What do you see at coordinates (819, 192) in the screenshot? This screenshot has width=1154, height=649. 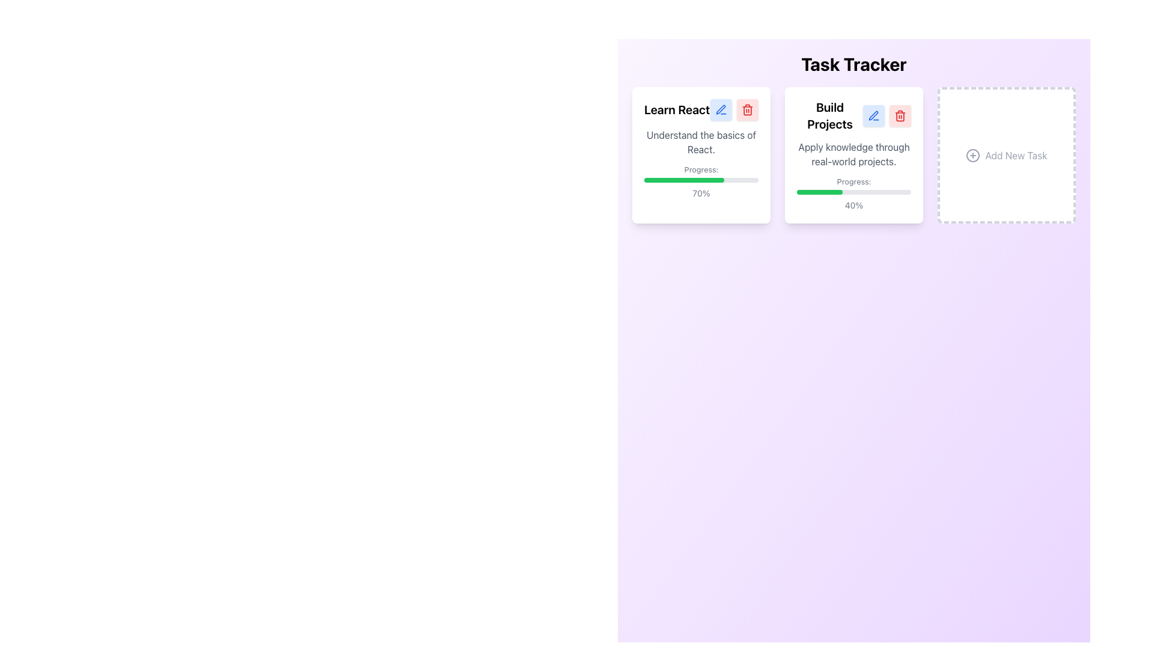 I see `the Progress Indicator that visually communicates the progress percentage (40%) for the task 'Build Projects'` at bounding box center [819, 192].